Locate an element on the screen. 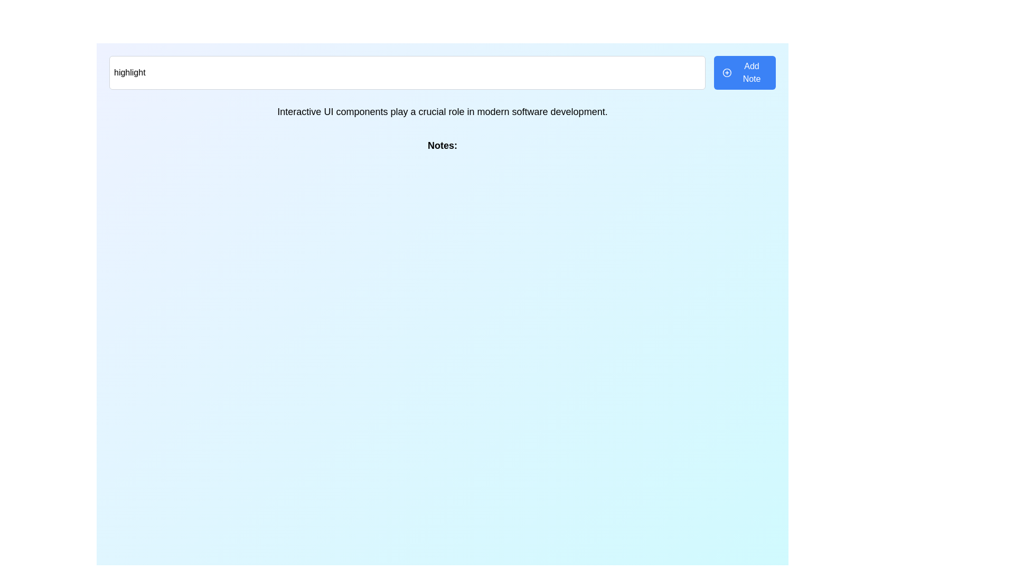 This screenshot has width=1014, height=570. the decorative icon associated with the 'Add Note' button located in the upper-right corner of the interface is located at coordinates (727, 72).